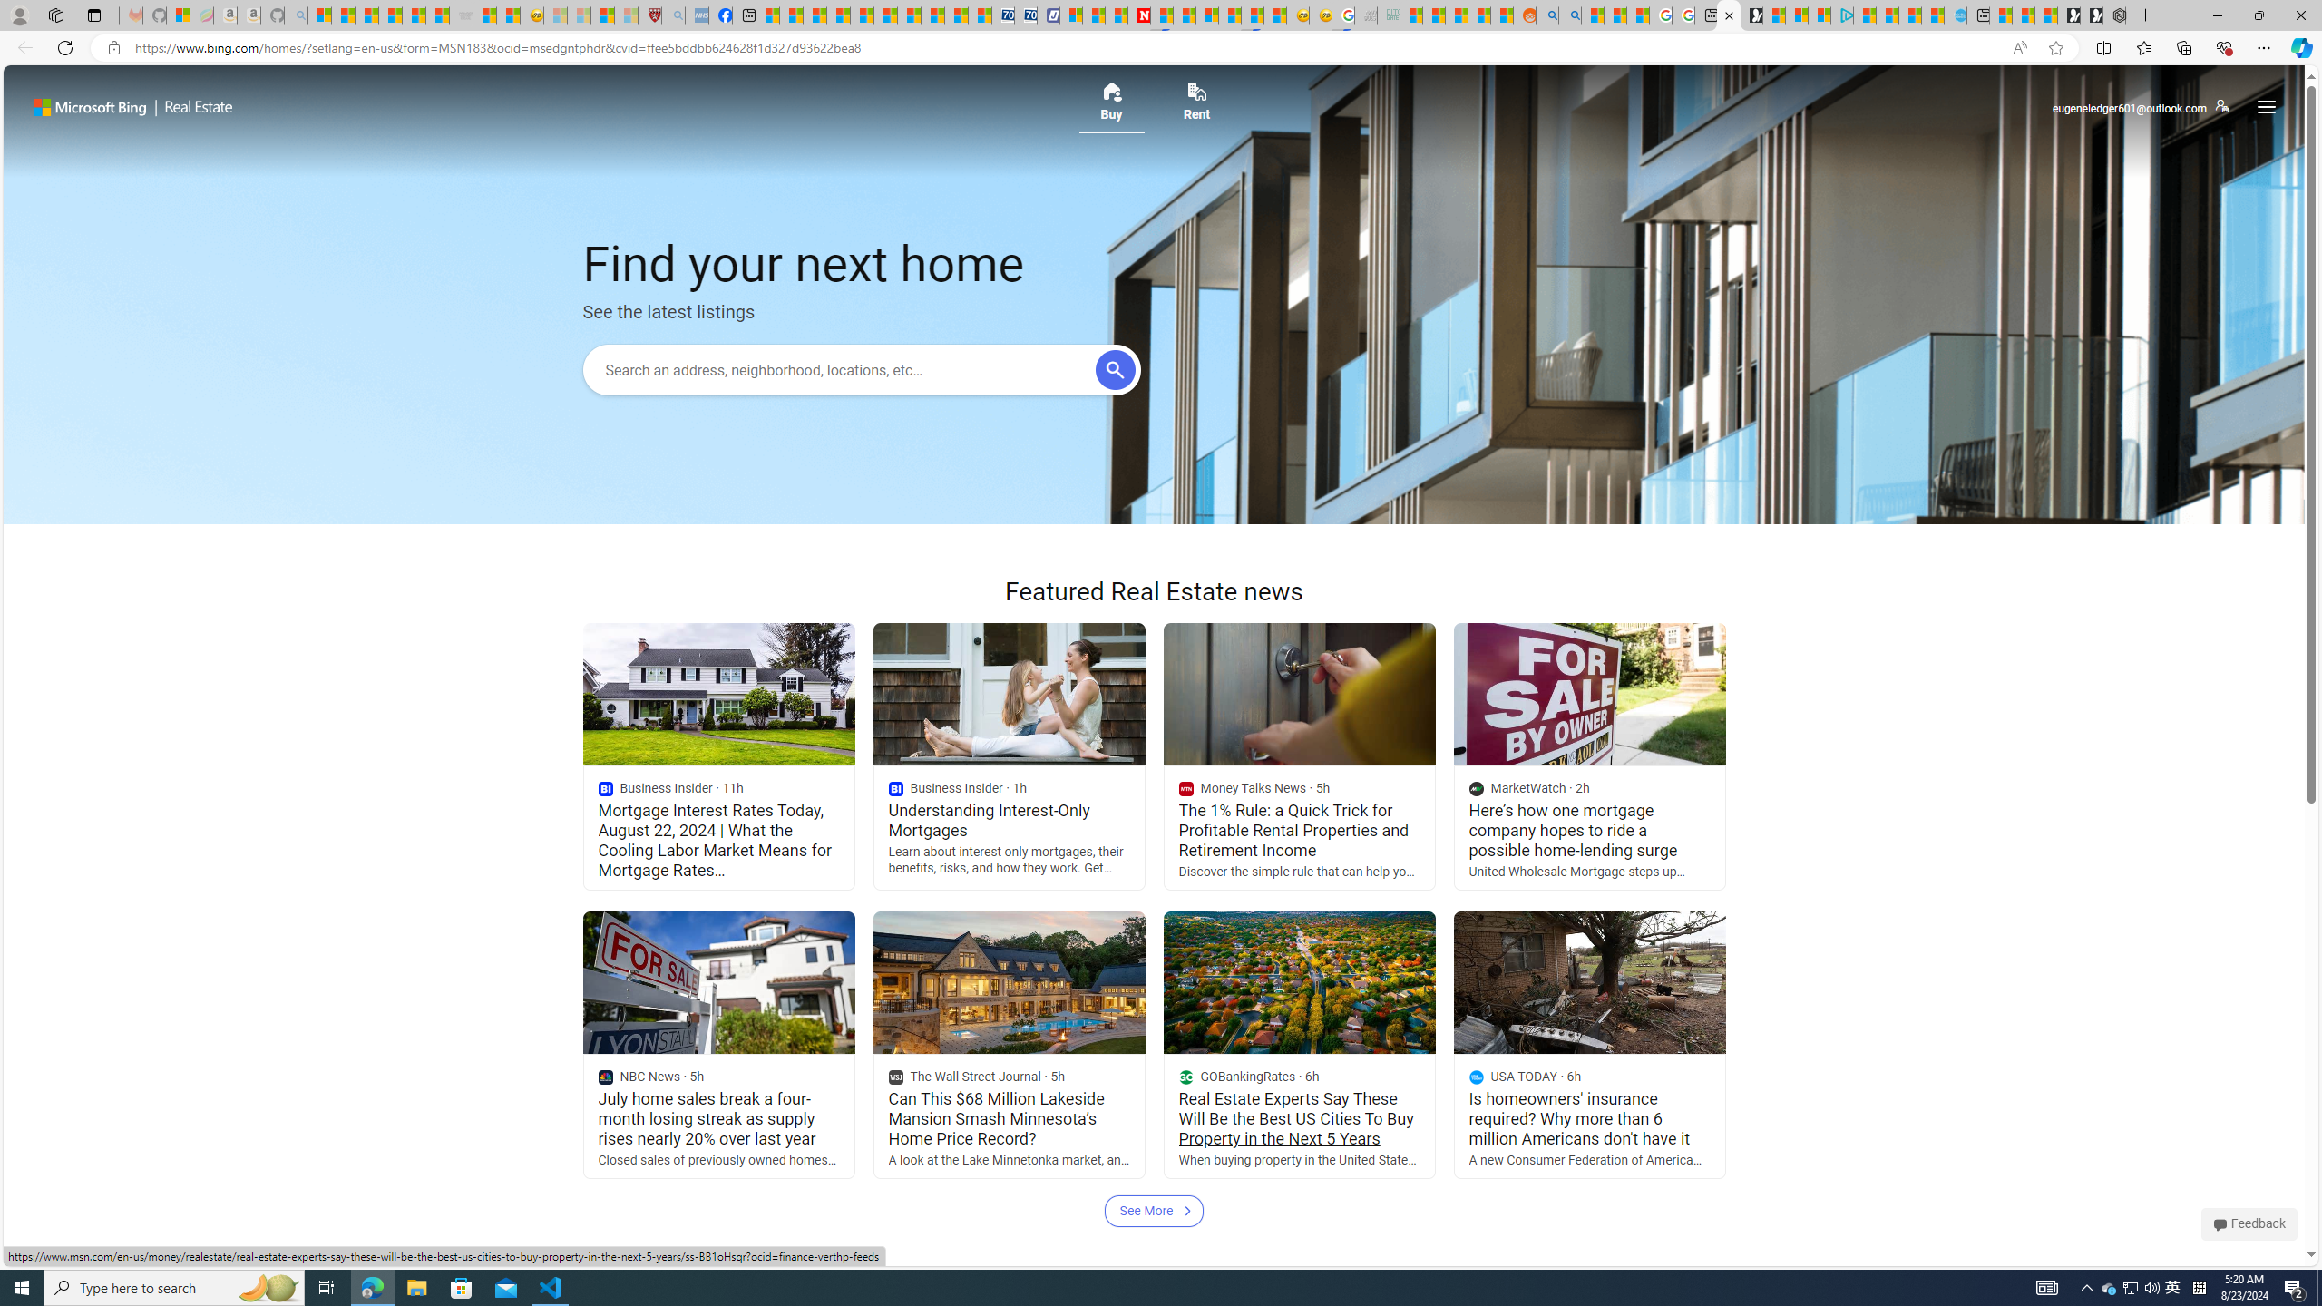  I want to click on 'eugeneledger601@outlook.com', so click(2141, 107).